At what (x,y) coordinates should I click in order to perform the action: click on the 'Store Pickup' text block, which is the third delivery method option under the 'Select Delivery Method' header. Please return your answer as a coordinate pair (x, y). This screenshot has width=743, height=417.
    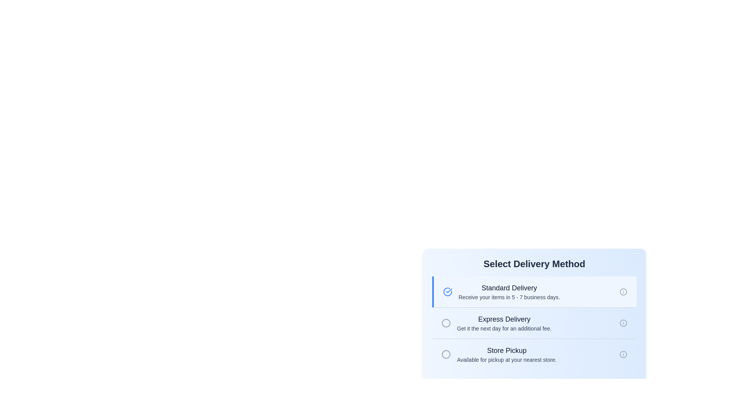
    Looking at the image, I should click on (507, 354).